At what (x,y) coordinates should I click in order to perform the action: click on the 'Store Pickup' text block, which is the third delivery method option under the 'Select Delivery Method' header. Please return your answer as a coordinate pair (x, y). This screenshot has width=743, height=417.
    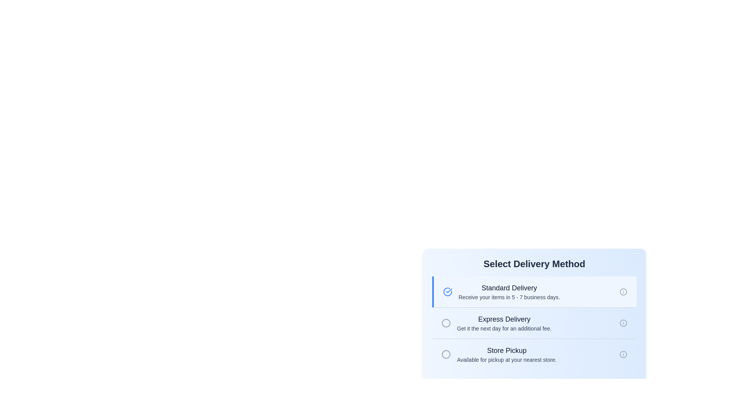
    Looking at the image, I should click on (507, 354).